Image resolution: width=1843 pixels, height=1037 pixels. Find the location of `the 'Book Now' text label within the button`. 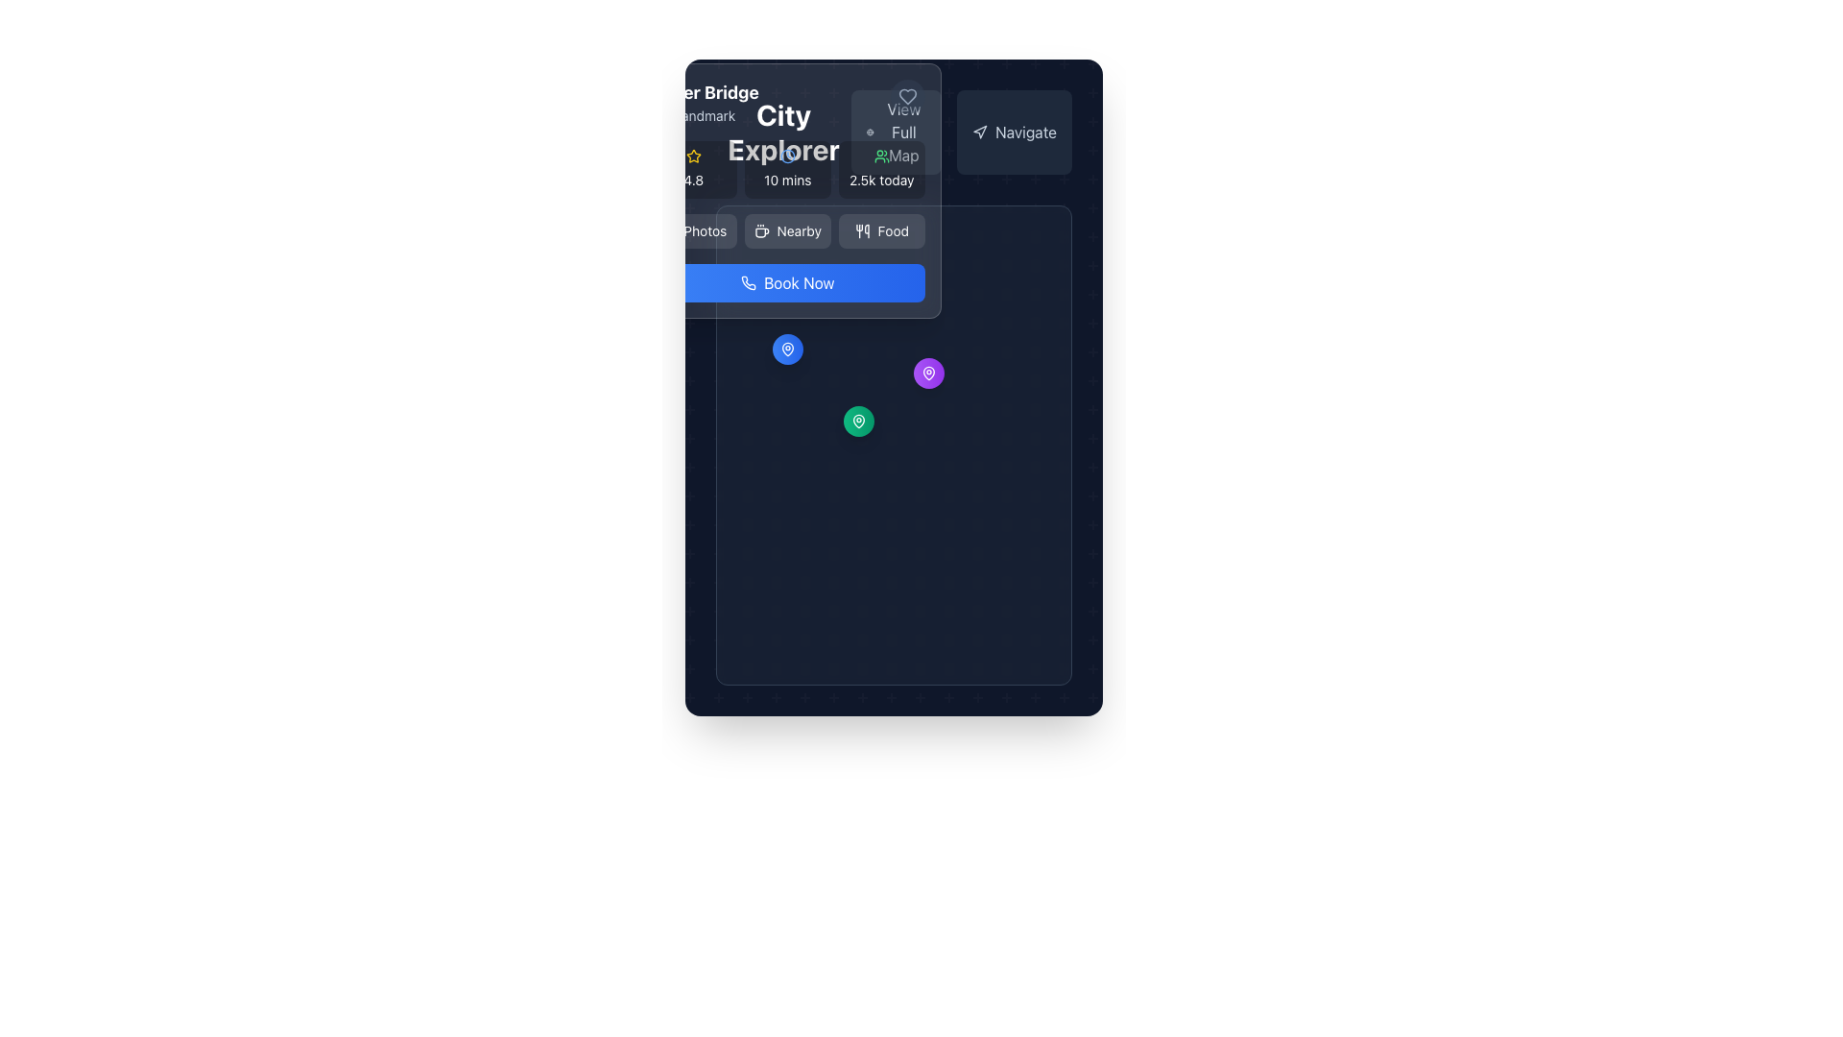

the 'Book Now' text label within the button is located at coordinates (799, 283).